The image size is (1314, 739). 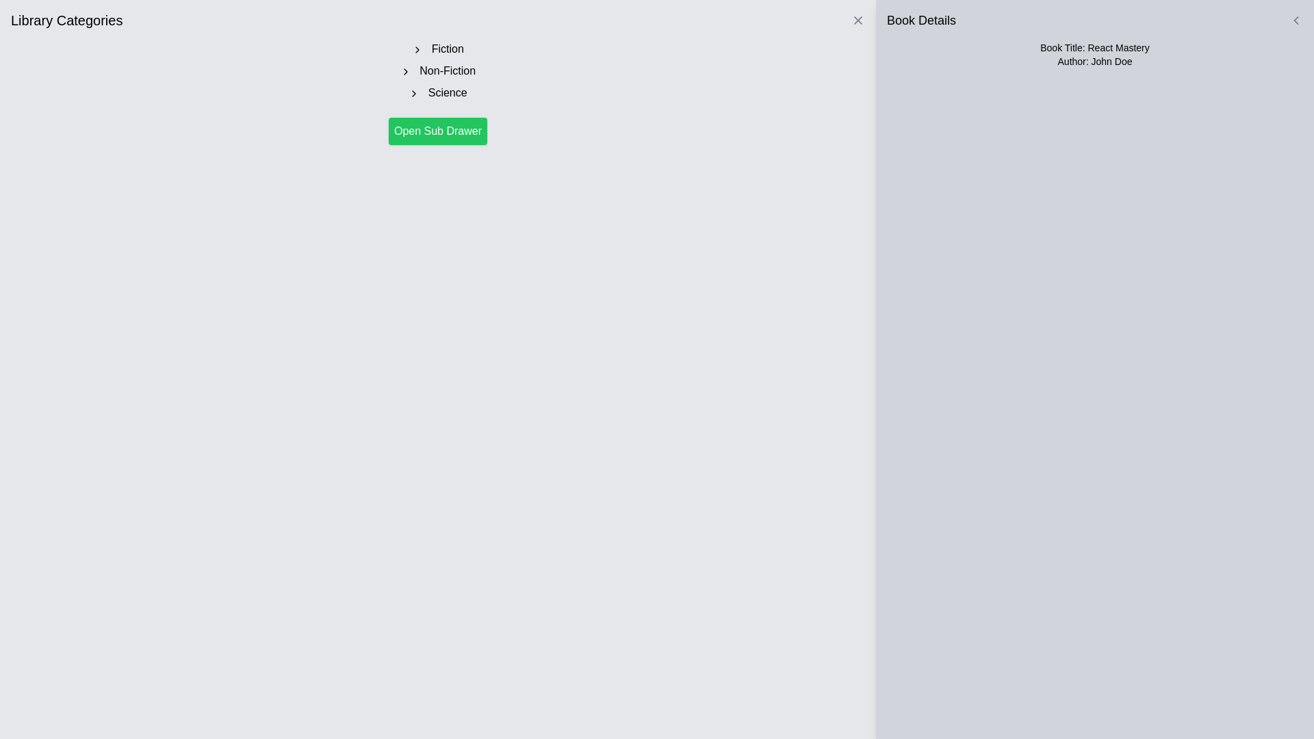 I want to click on the close button with a gray 'X' symbol located in the top-right corner of the 'Library Categories' header, so click(x=857, y=21).